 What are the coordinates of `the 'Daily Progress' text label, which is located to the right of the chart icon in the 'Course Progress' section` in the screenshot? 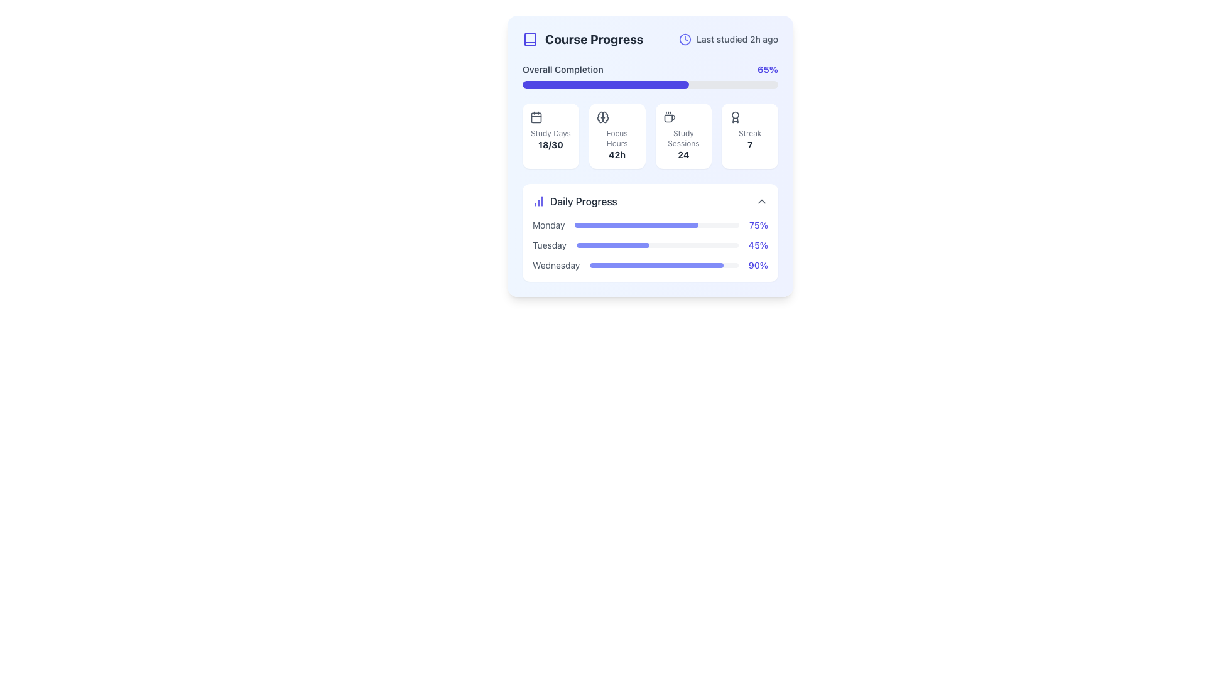 It's located at (583, 200).